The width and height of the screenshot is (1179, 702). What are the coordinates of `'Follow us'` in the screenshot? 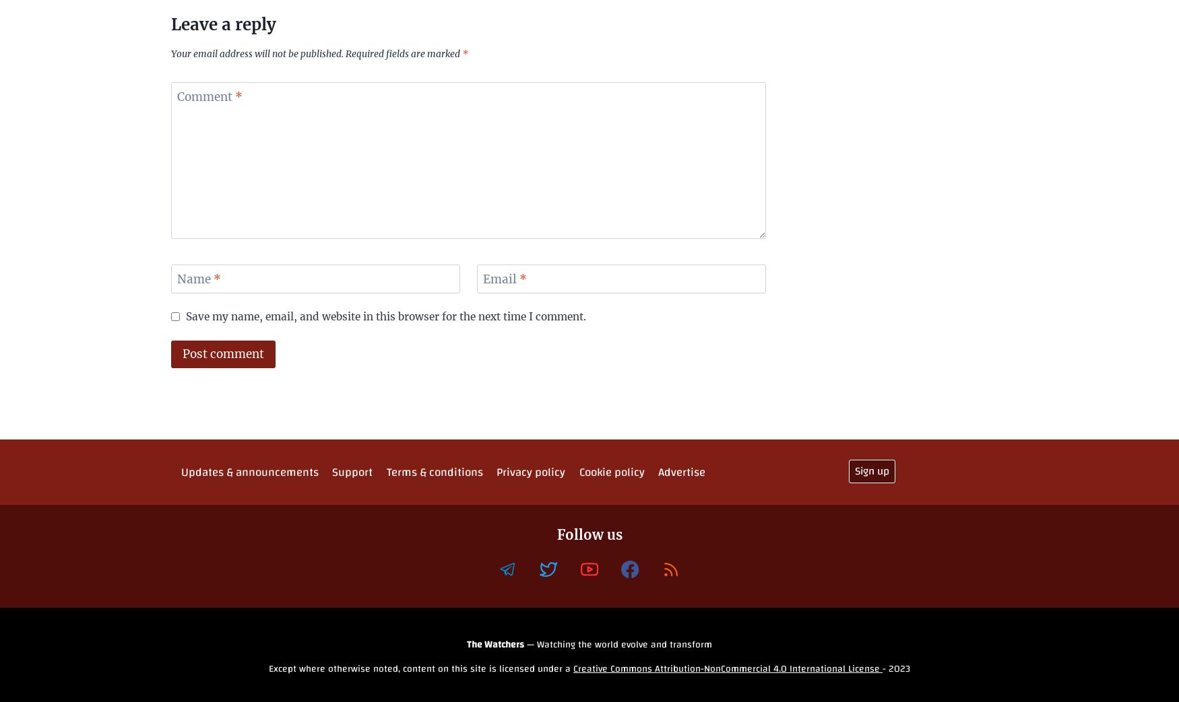 It's located at (589, 534).